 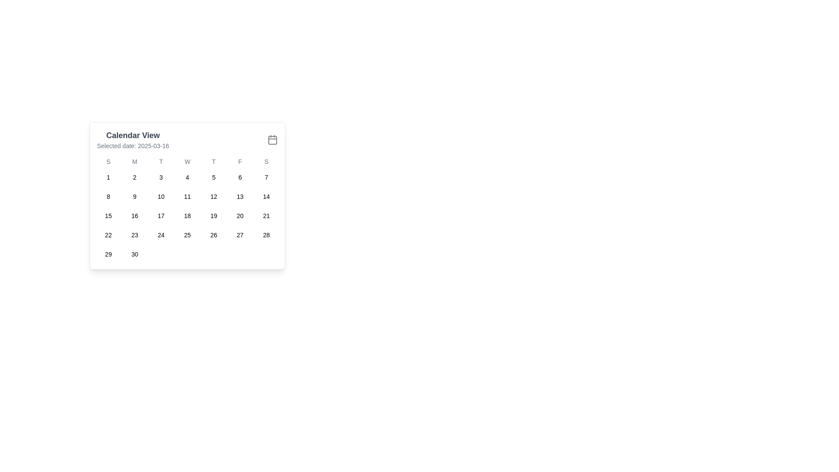 I want to click on the button representing the 11th day in the calendar view, located in the fourth row and fourth column of the grid, so click(x=187, y=197).